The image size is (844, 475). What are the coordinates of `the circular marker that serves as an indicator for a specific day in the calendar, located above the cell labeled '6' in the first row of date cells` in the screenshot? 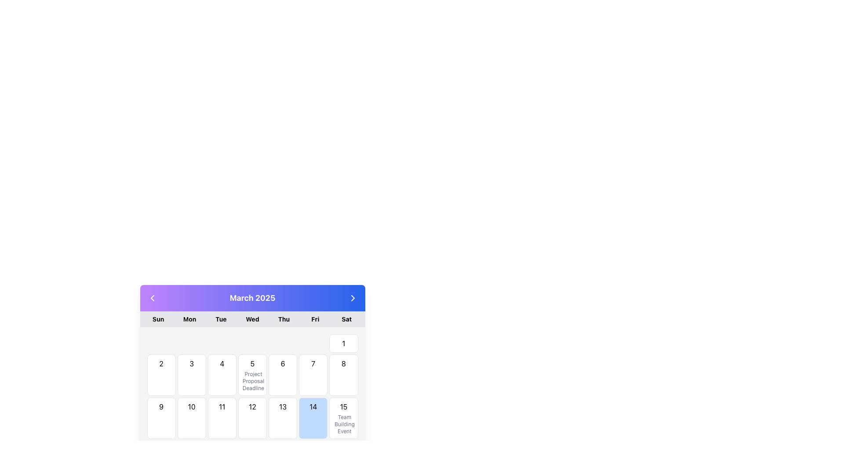 It's located at (283, 343).